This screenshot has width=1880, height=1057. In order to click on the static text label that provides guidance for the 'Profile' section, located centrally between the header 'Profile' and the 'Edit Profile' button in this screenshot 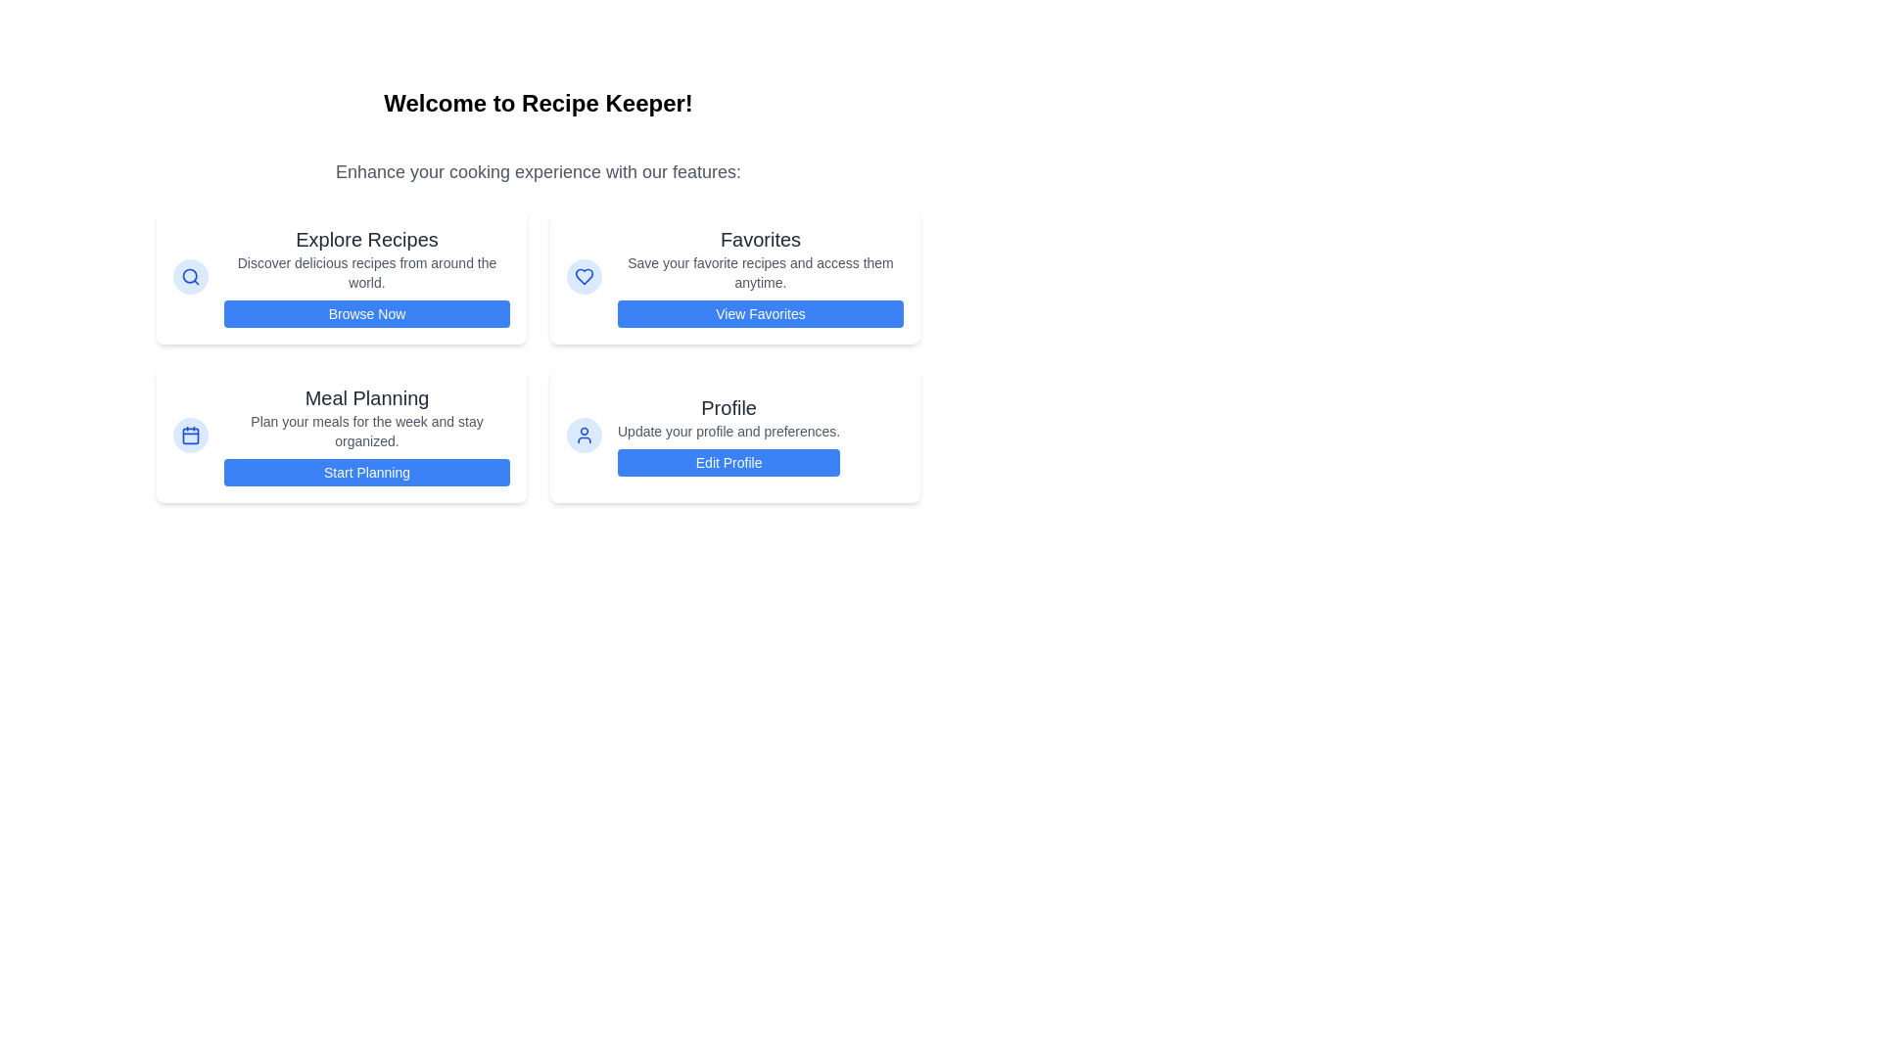, I will do `click(728, 430)`.